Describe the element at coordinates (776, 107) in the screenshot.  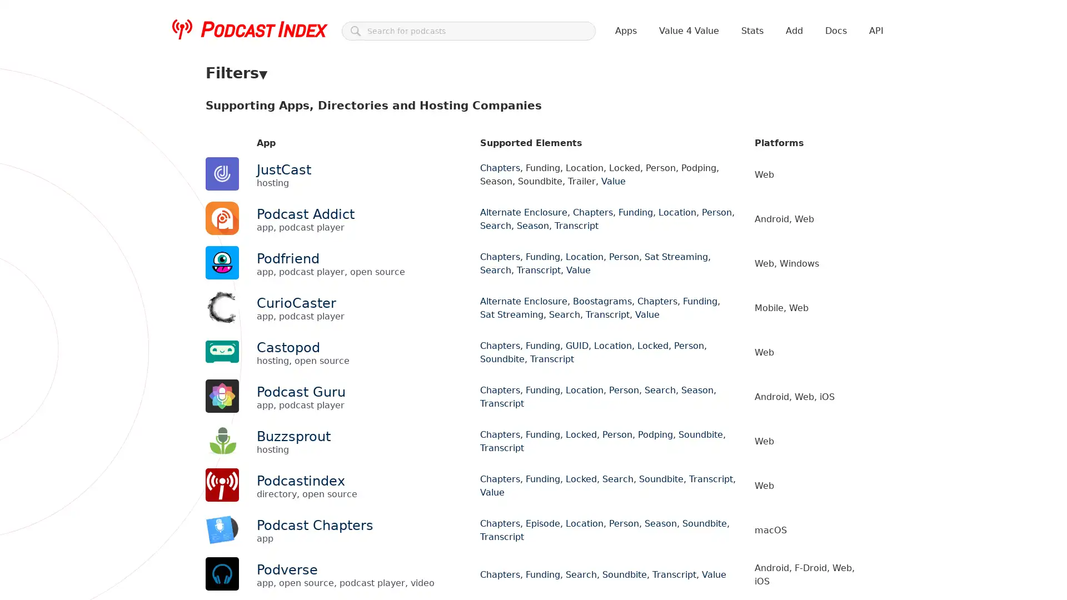
I see `Sn-network` at that location.